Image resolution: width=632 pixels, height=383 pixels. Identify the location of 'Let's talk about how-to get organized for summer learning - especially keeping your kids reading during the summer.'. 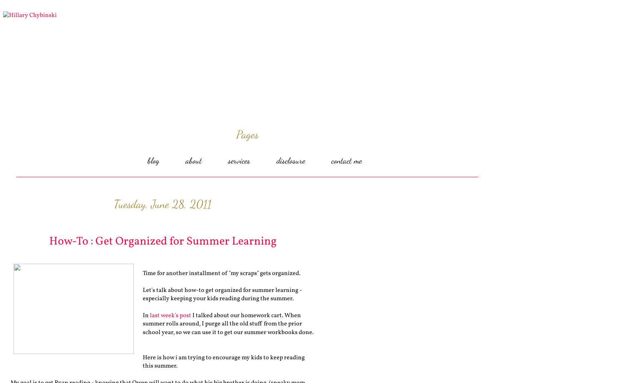
(142, 294).